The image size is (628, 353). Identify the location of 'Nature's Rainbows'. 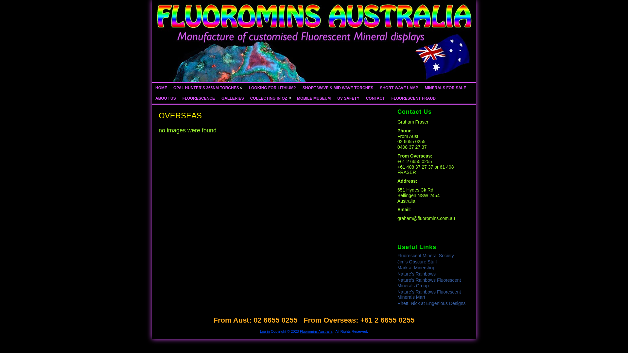
(397, 274).